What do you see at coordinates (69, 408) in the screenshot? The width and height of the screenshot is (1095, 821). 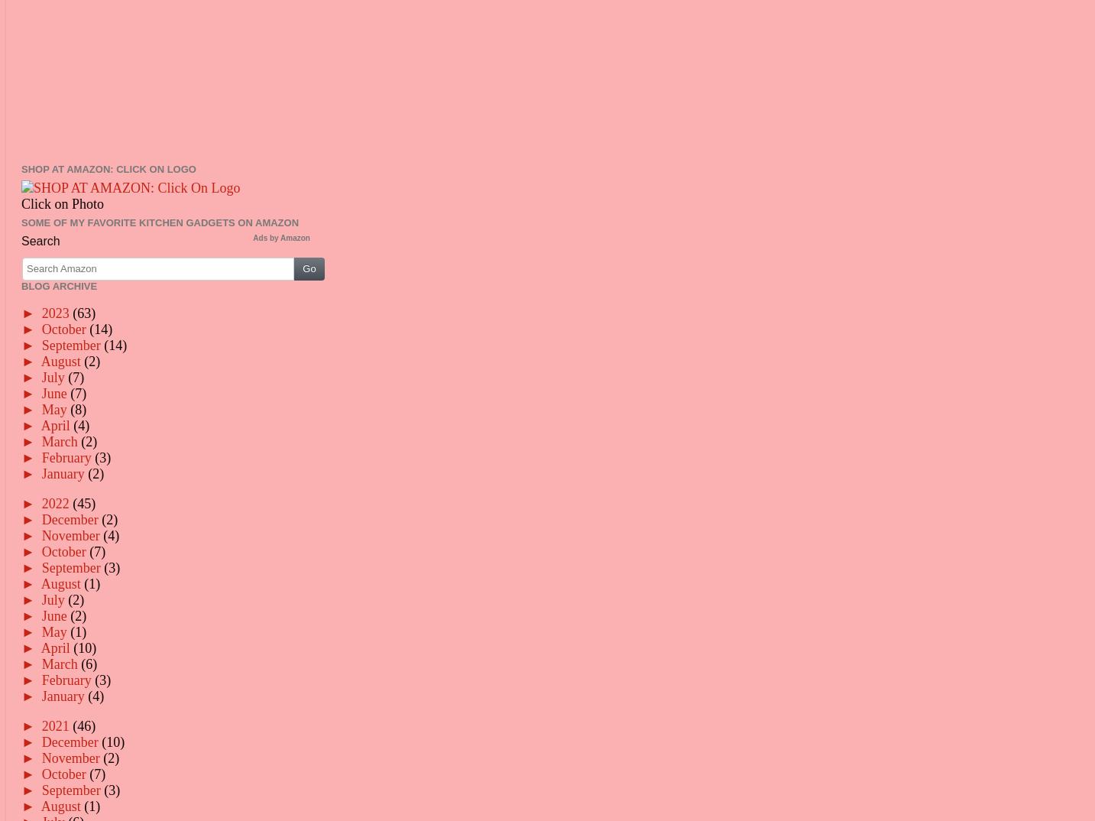 I see `'(8)'` at bounding box center [69, 408].